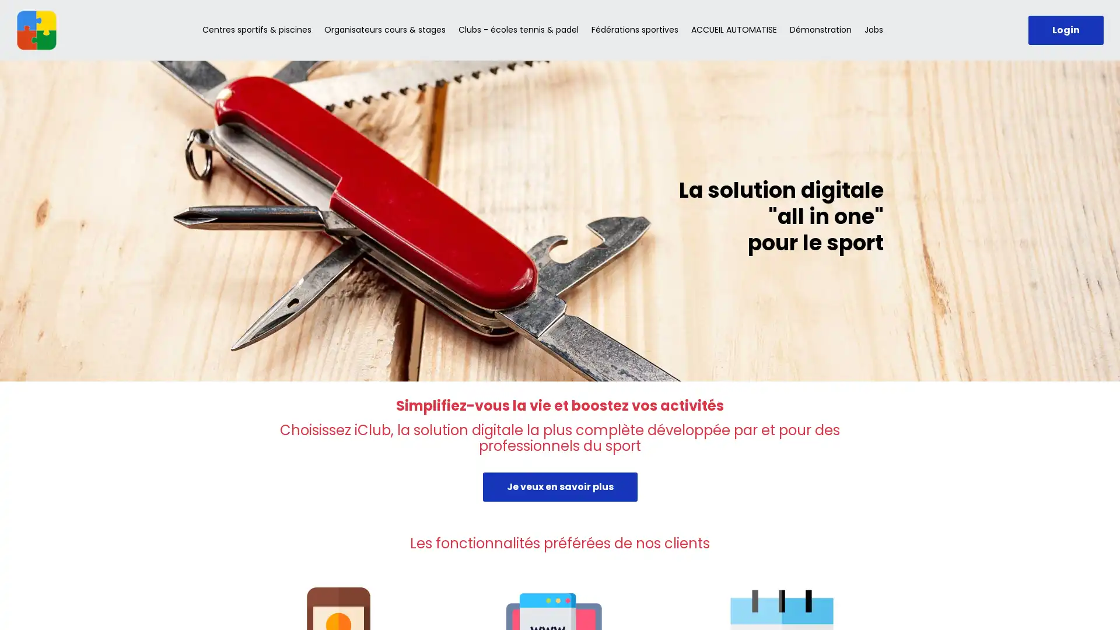  I want to click on Login, so click(1064, 29).